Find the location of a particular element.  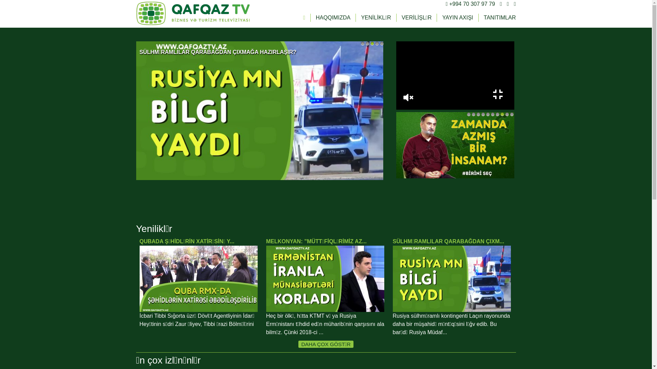

'10' is located at coordinates (512, 114).